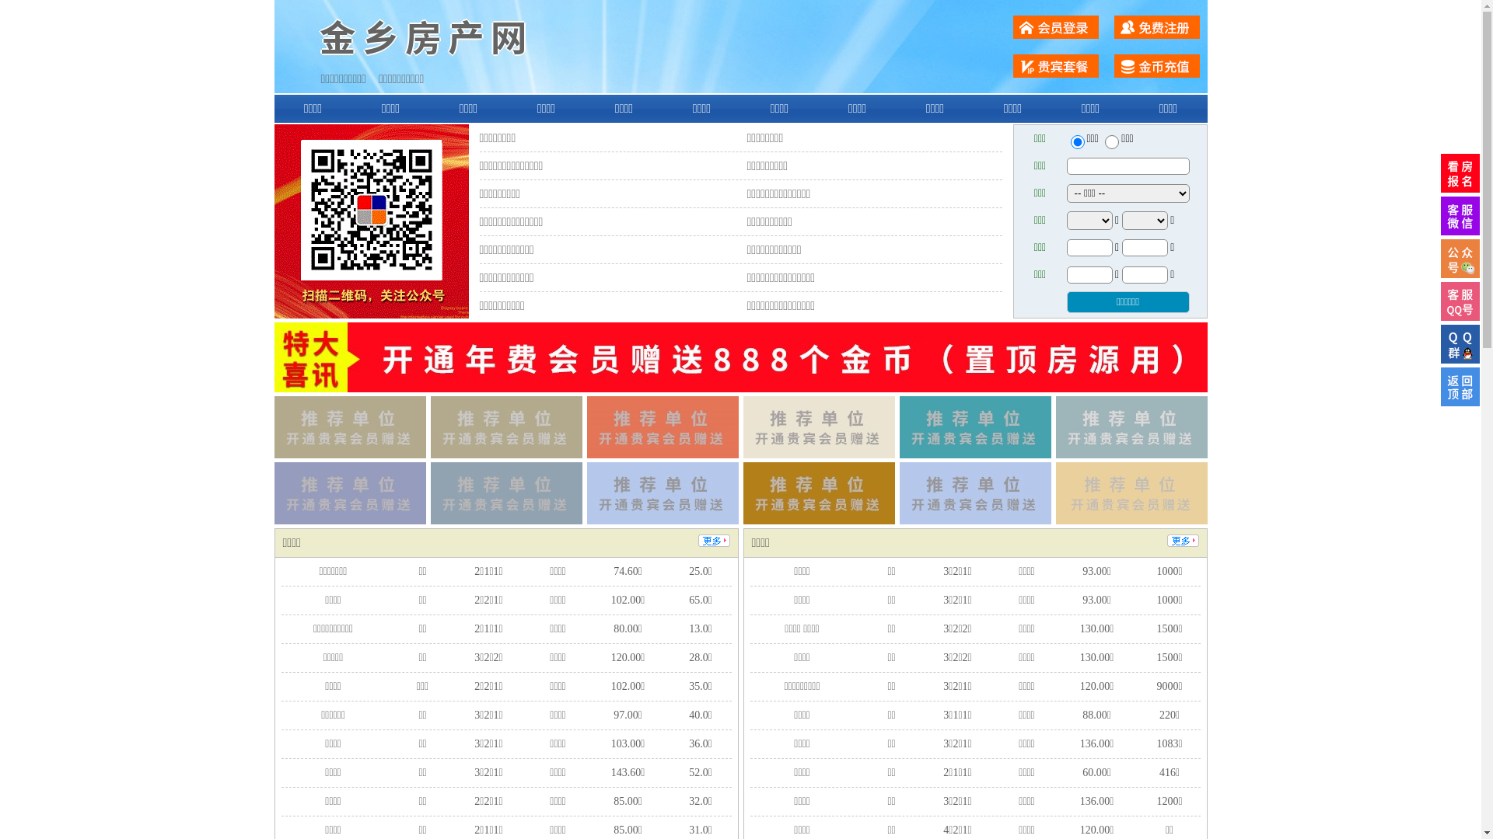 The height and width of the screenshot is (839, 1493). I want to click on 'ershou', so click(1076, 141).